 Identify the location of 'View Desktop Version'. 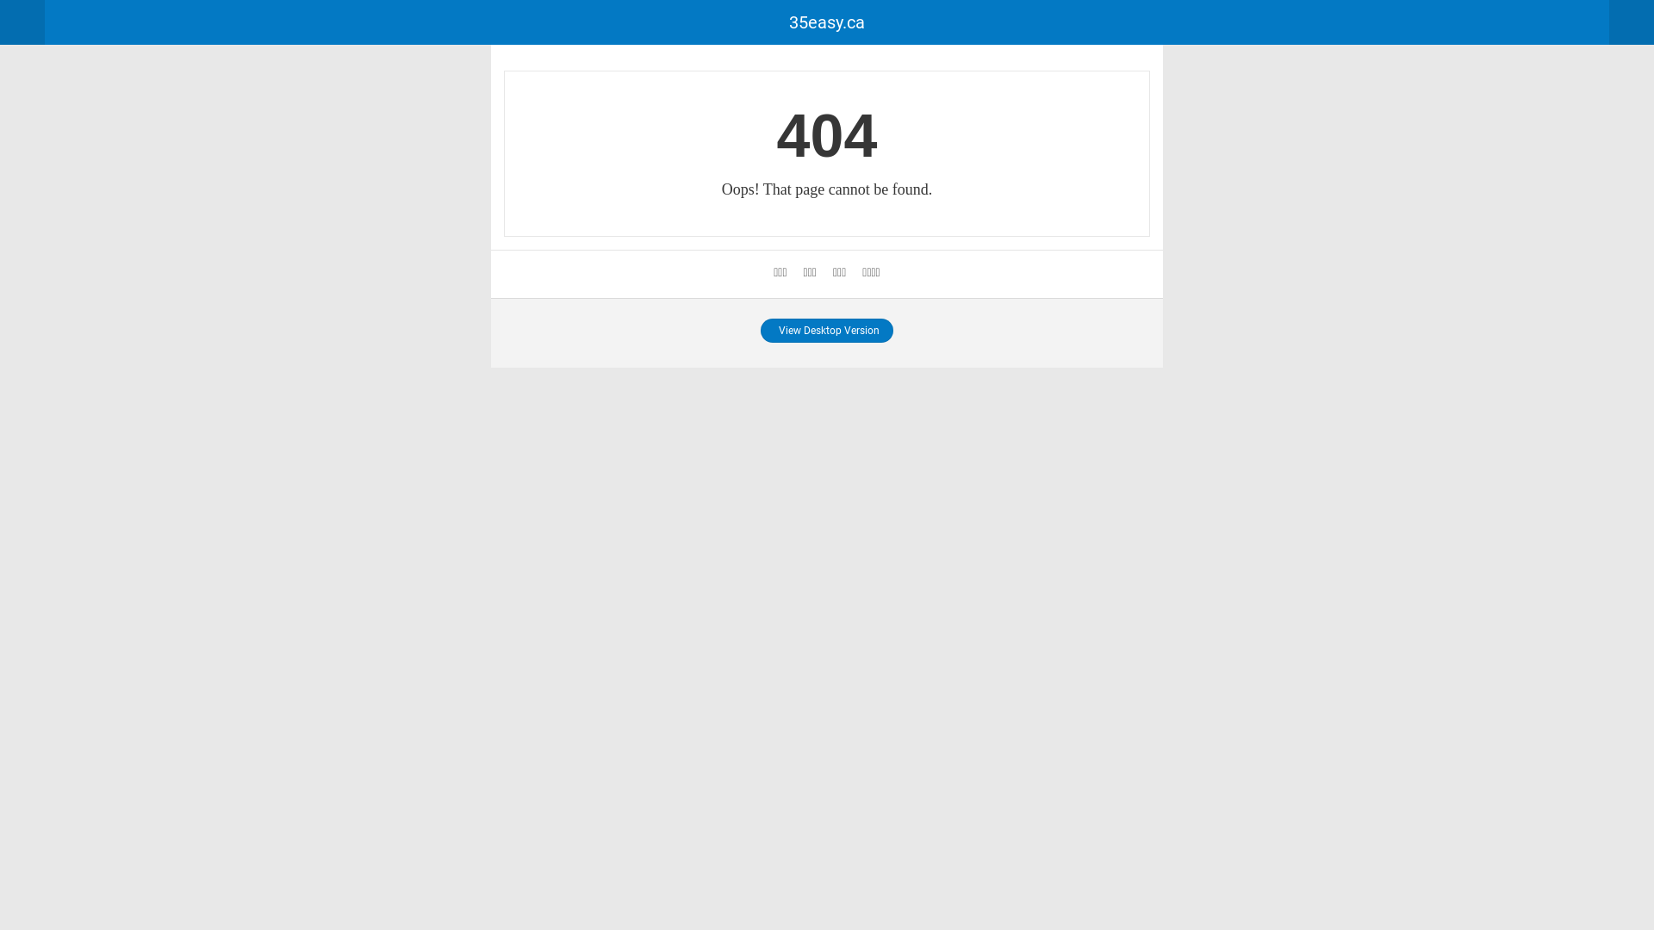
(827, 331).